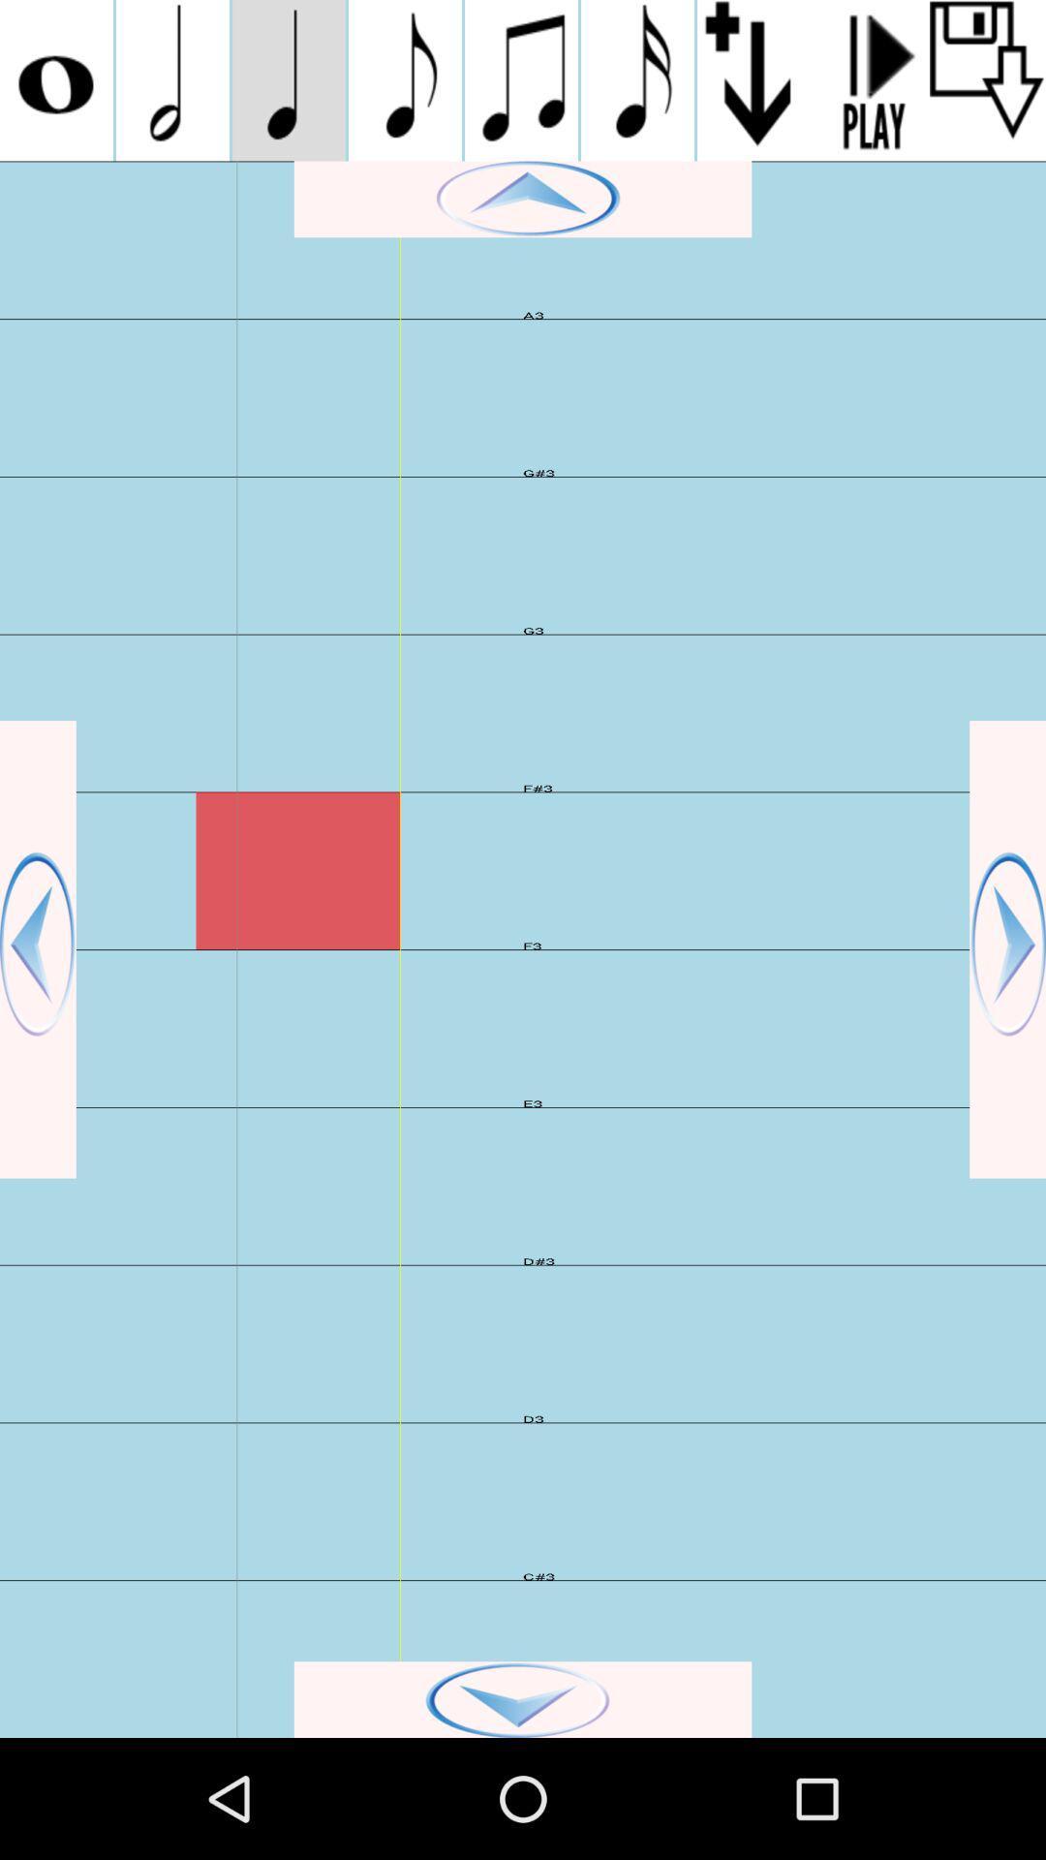 The image size is (1046, 1860). What do you see at coordinates (55, 79) in the screenshot?
I see `whole note option` at bounding box center [55, 79].